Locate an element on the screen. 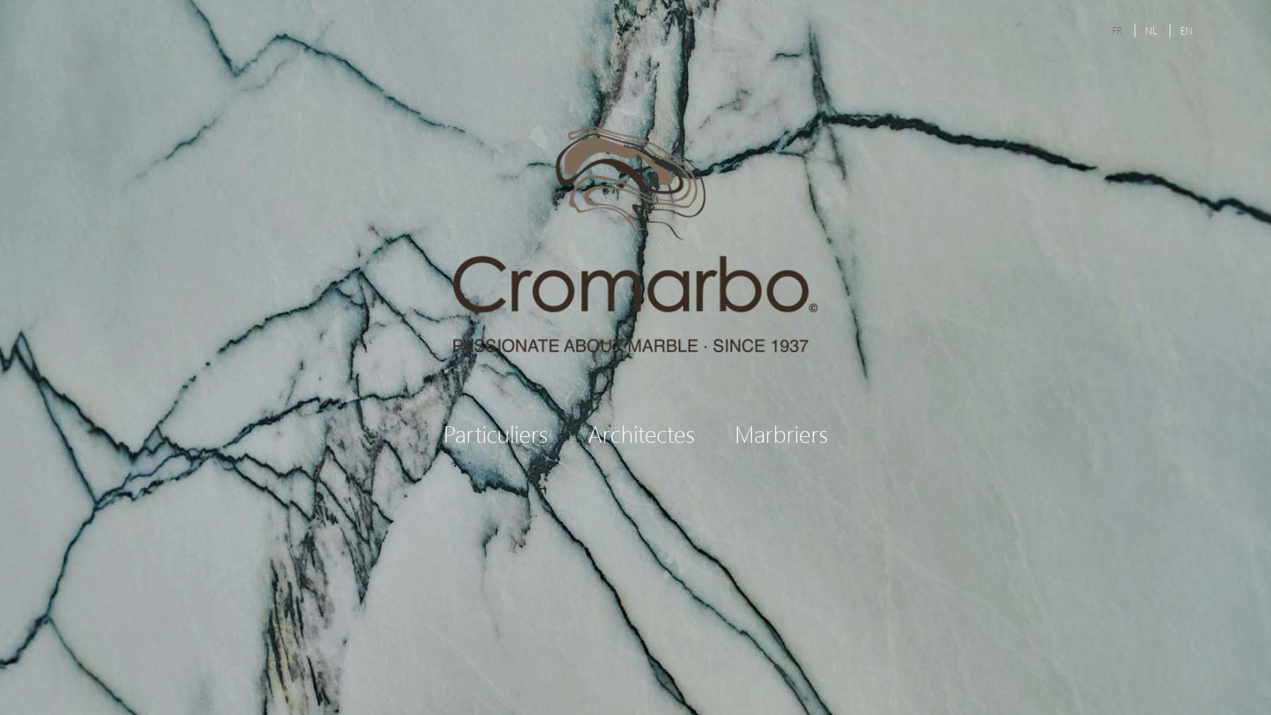  'Architectes' is located at coordinates (641, 433).